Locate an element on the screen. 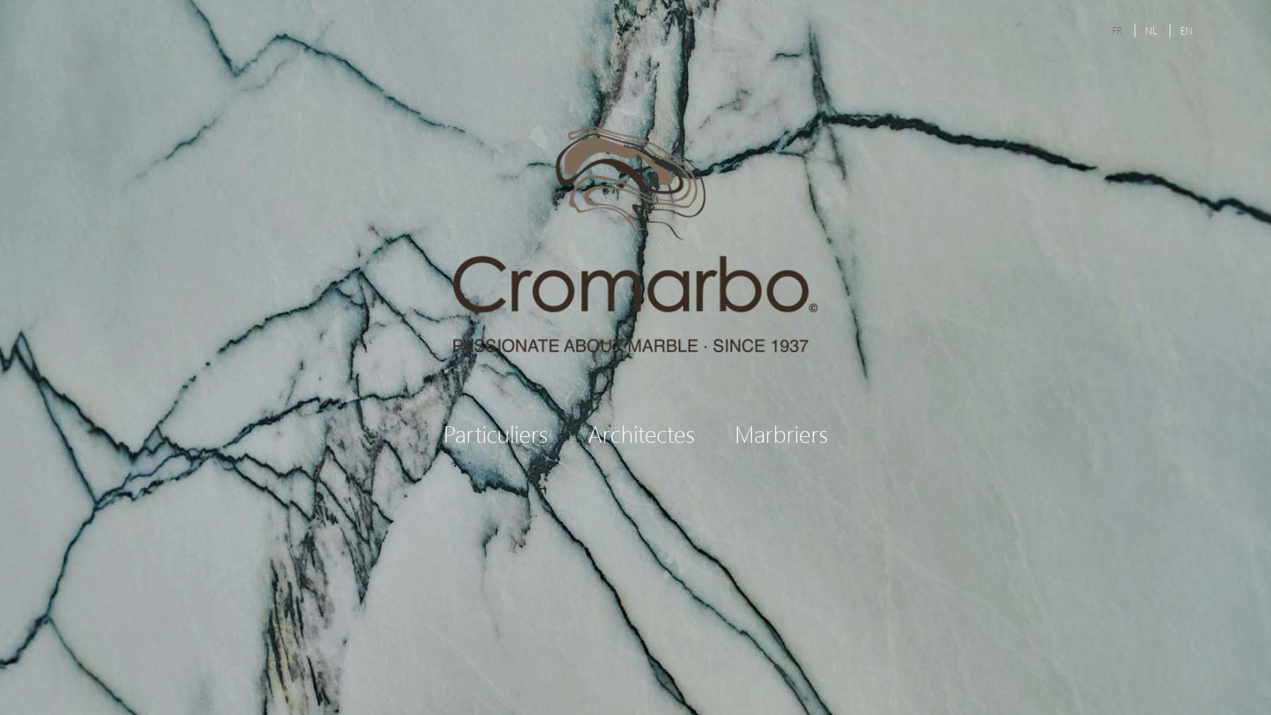  'Architectes' is located at coordinates (641, 433).